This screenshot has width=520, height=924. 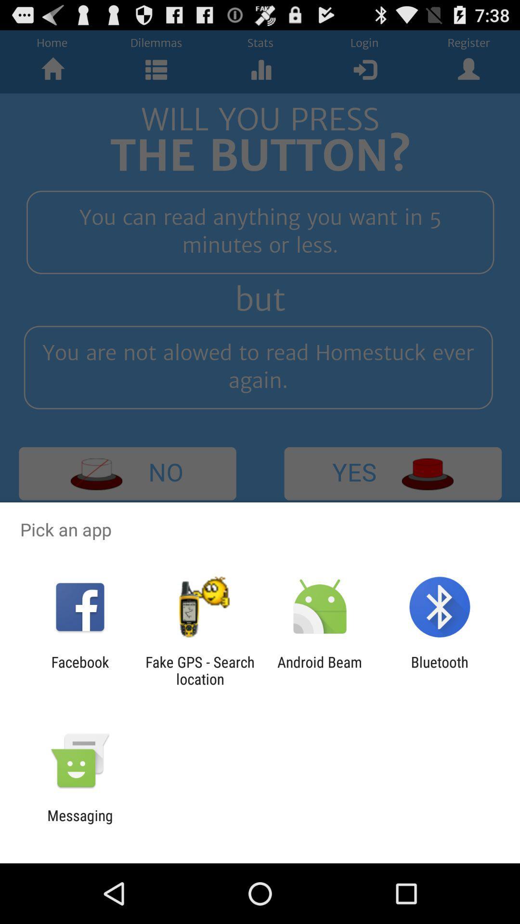 I want to click on app to the left of the android beam item, so click(x=199, y=670).